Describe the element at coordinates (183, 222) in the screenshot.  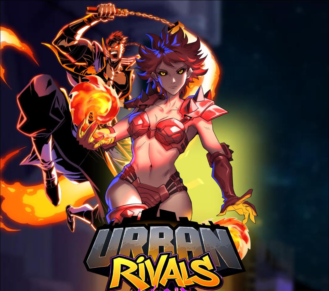
I see `'The city also has some unusual places, some of which are not at all recommendable. From the furious motel BERZERK, to the post-apocalyptic desert RAPTORS, and the pirate ship PIRANAS, to the asylum of mad artists PARADOX, the unhealthy circus of FREAKS, and the space farmers COSMOHNUT, it seems that everyone here has completely lost their mind!'` at that location.